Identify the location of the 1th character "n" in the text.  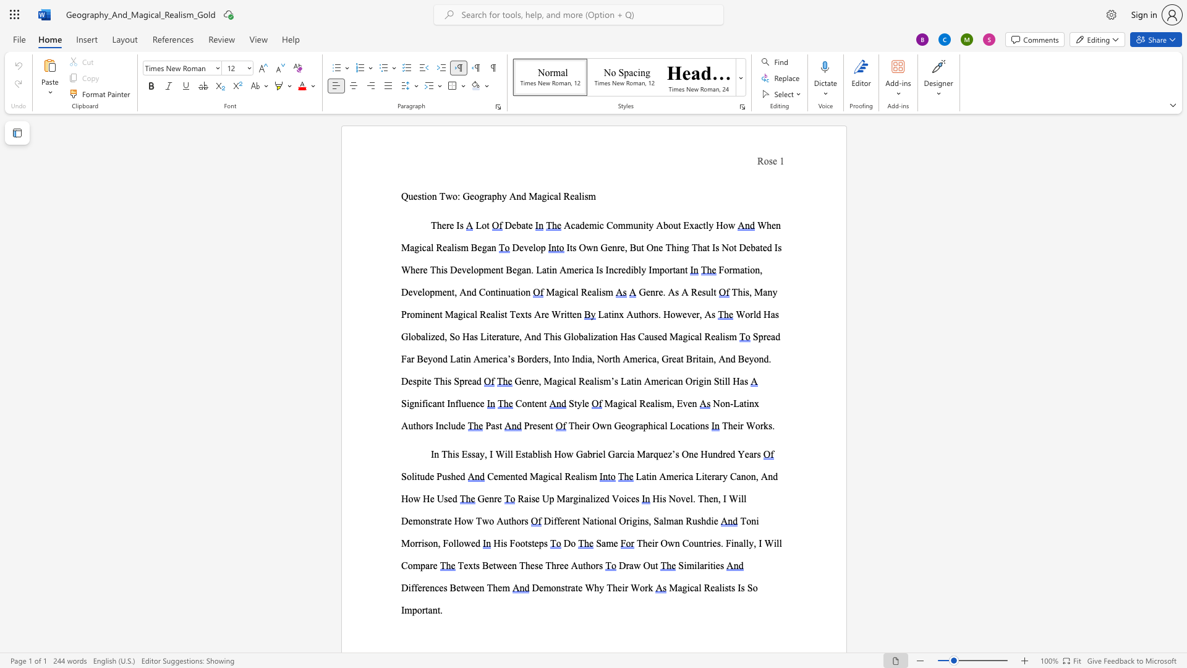
(417, 403).